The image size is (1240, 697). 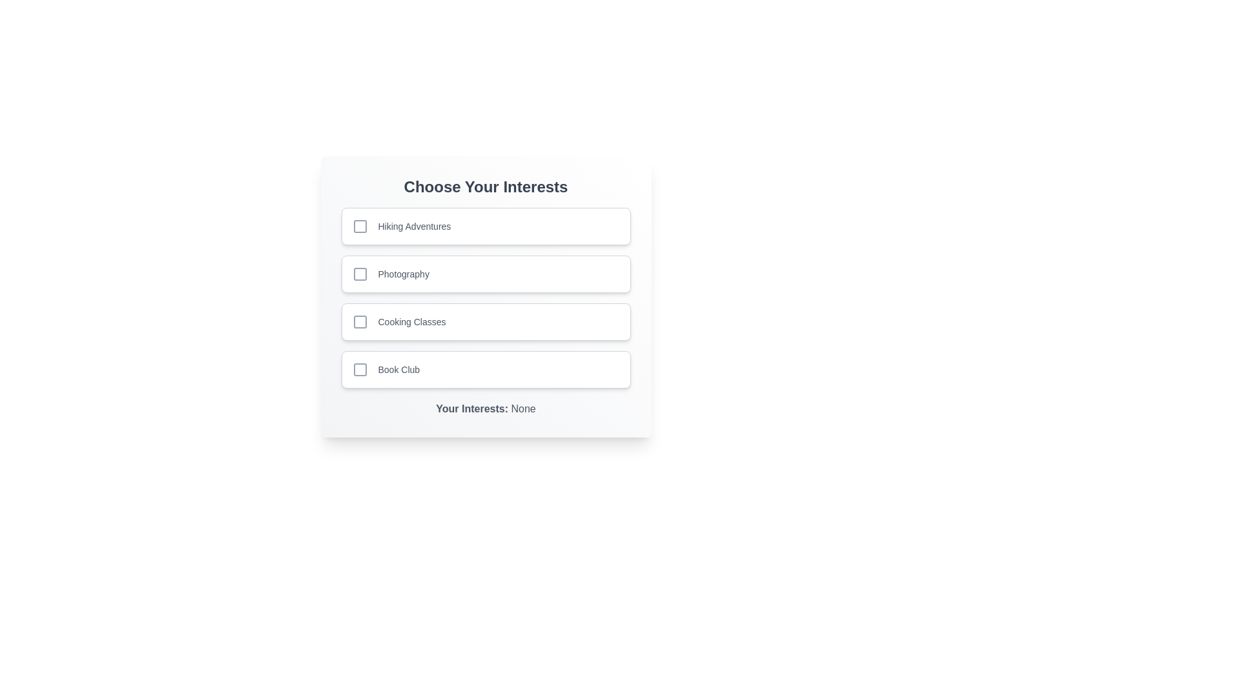 I want to click on the checkbox corresponding to the third item labeled 'Cooking Classes', so click(x=360, y=321).